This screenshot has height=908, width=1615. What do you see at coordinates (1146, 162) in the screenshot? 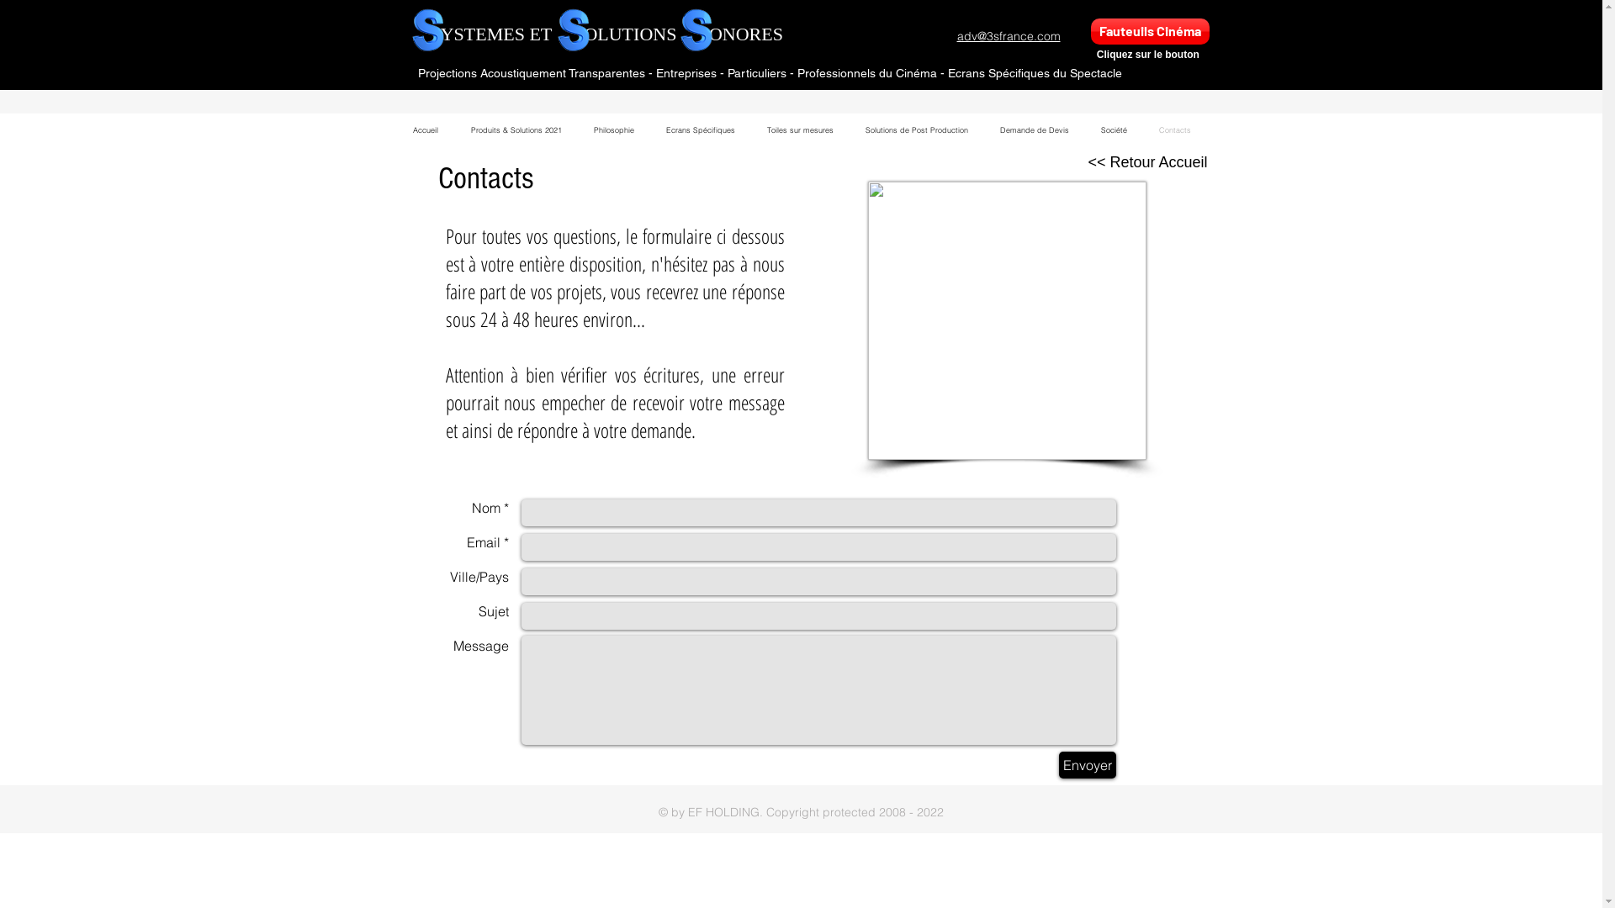
I see `'<< Retour Accueil'` at bounding box center [1146, 162].